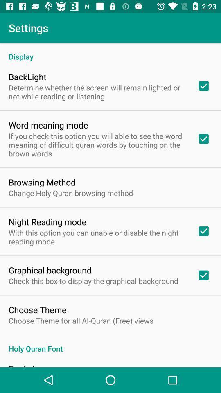 The image size is (221, 393). What do you see at coordinates (27, 77) in the screenshot?
I see `backlight item` at bounding box center [27, 77].